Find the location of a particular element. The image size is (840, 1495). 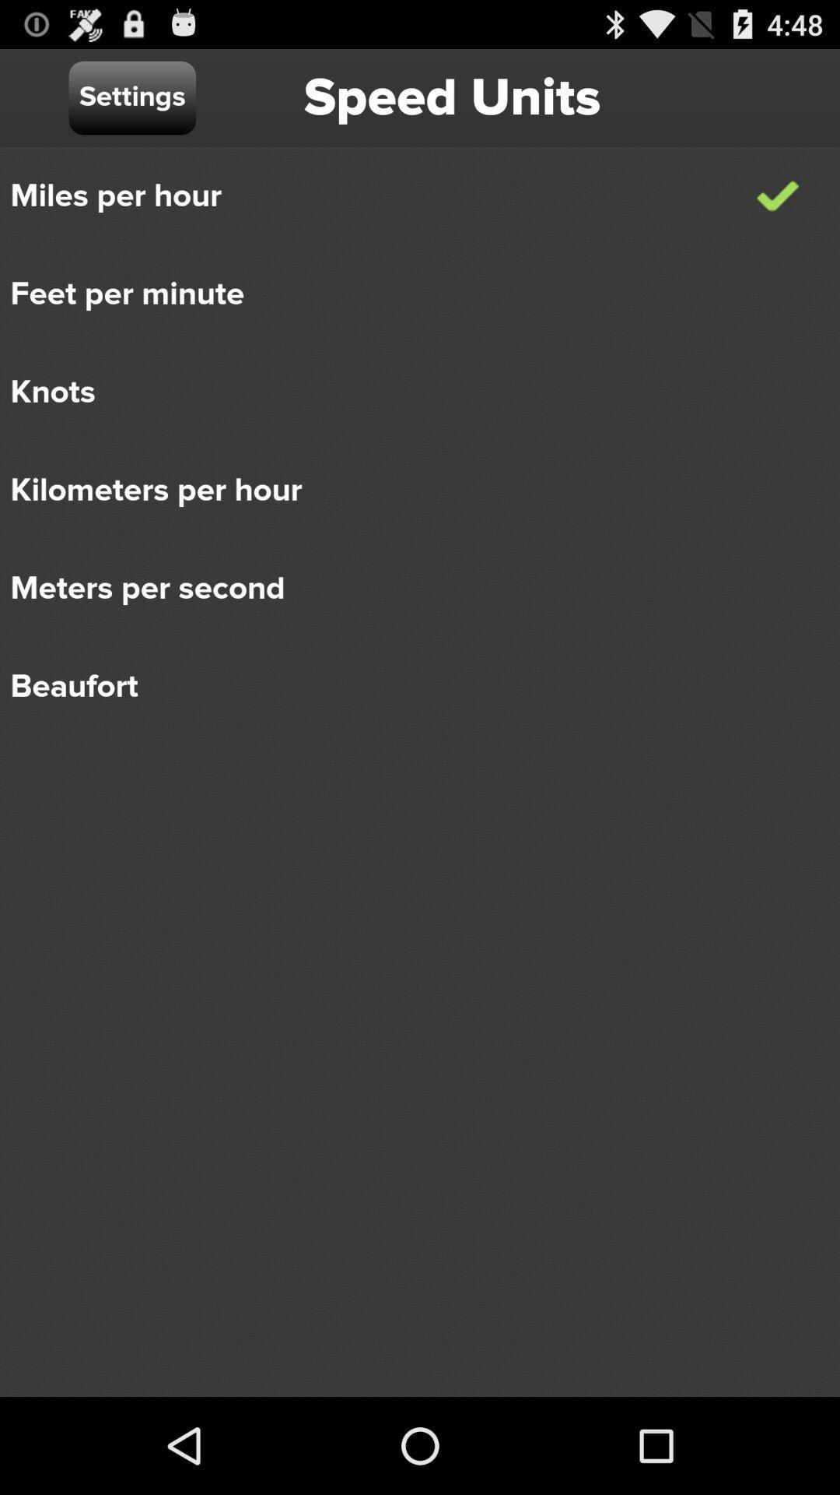

item below the miles per hour icon is located at coordinates (408, 294).